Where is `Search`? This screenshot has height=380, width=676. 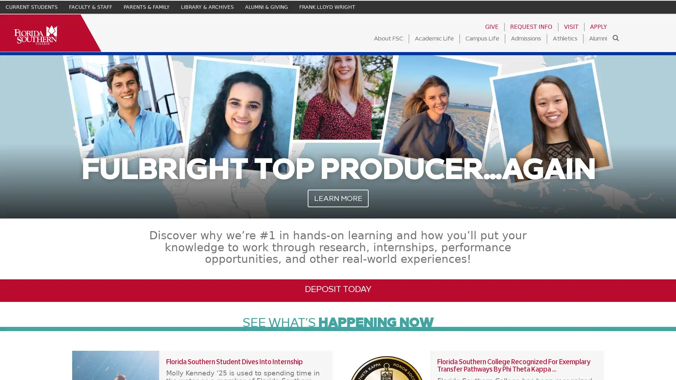
Search is located at coordinates (640, 38).